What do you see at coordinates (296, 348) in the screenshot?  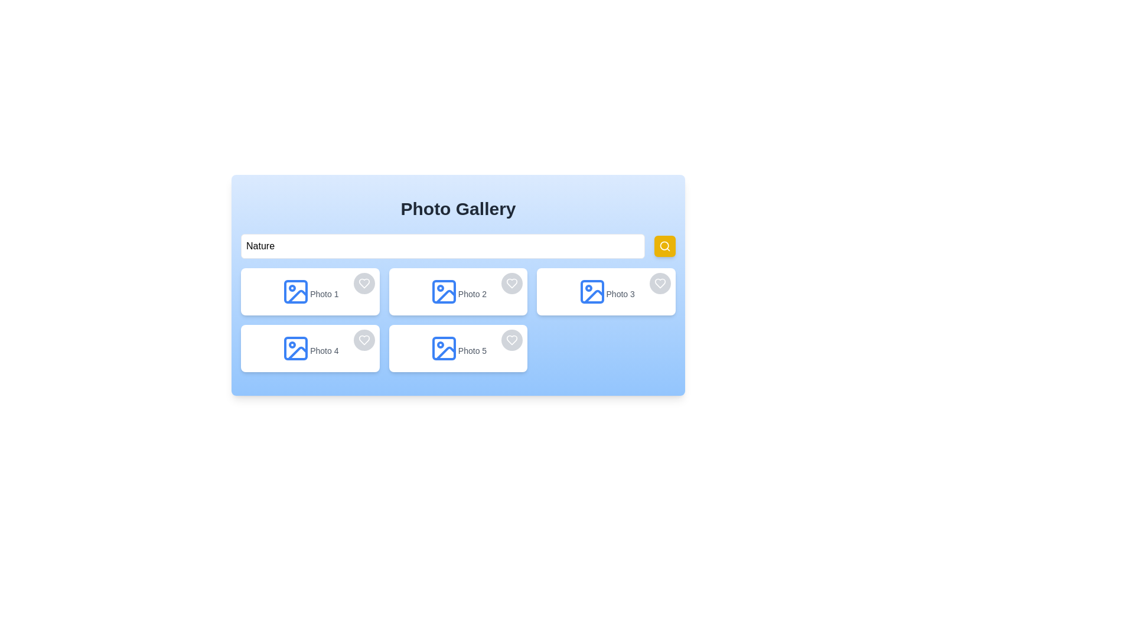 I see `the minimalistic image icon with a blue outline, located in the center-left of the 'Photo 4' box in the photo gallery grid, below the search bar` at bounding box center [296, 348].